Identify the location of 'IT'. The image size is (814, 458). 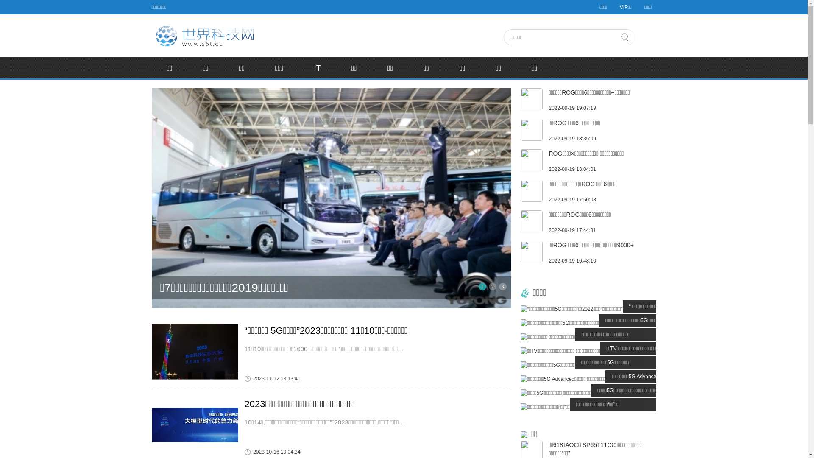
(317, 68).